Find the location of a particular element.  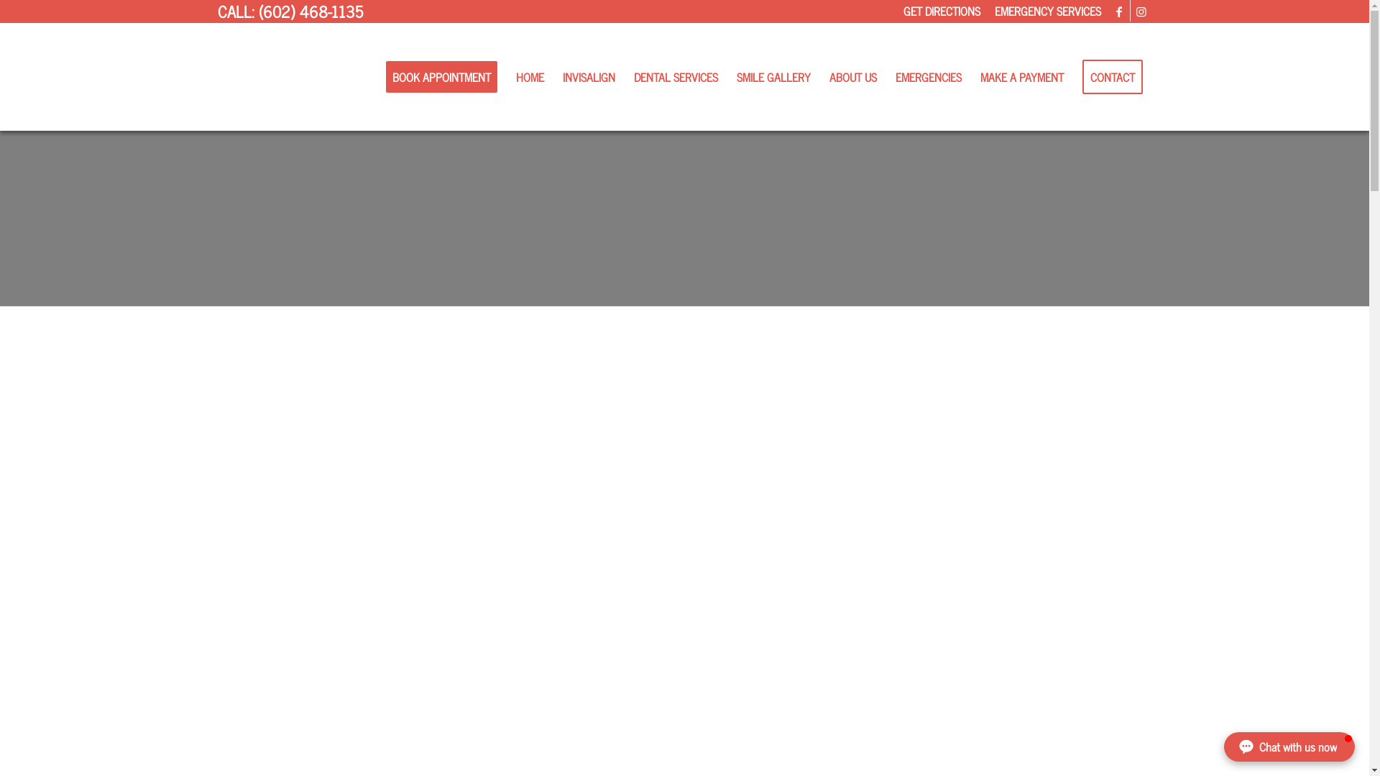

'Facebook' is located at coordinates (1118, 11).